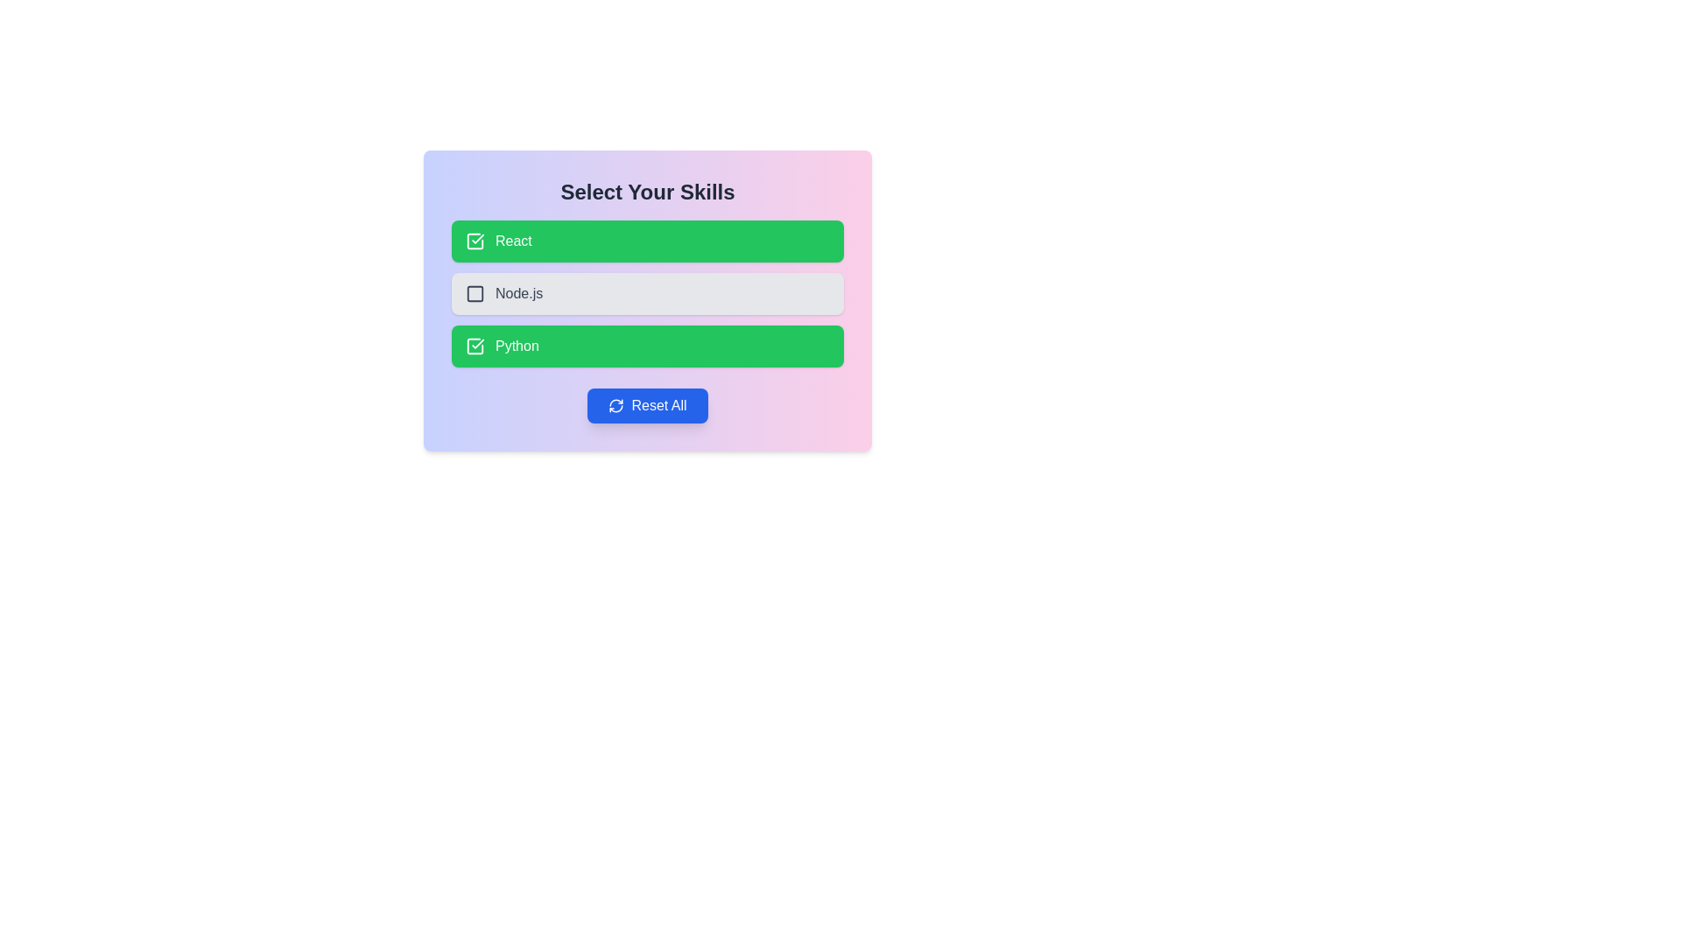 This screenshot has height=945, width=1681. I want to click on the skill Node.js by clicking on its respective option, so click(646, 292).